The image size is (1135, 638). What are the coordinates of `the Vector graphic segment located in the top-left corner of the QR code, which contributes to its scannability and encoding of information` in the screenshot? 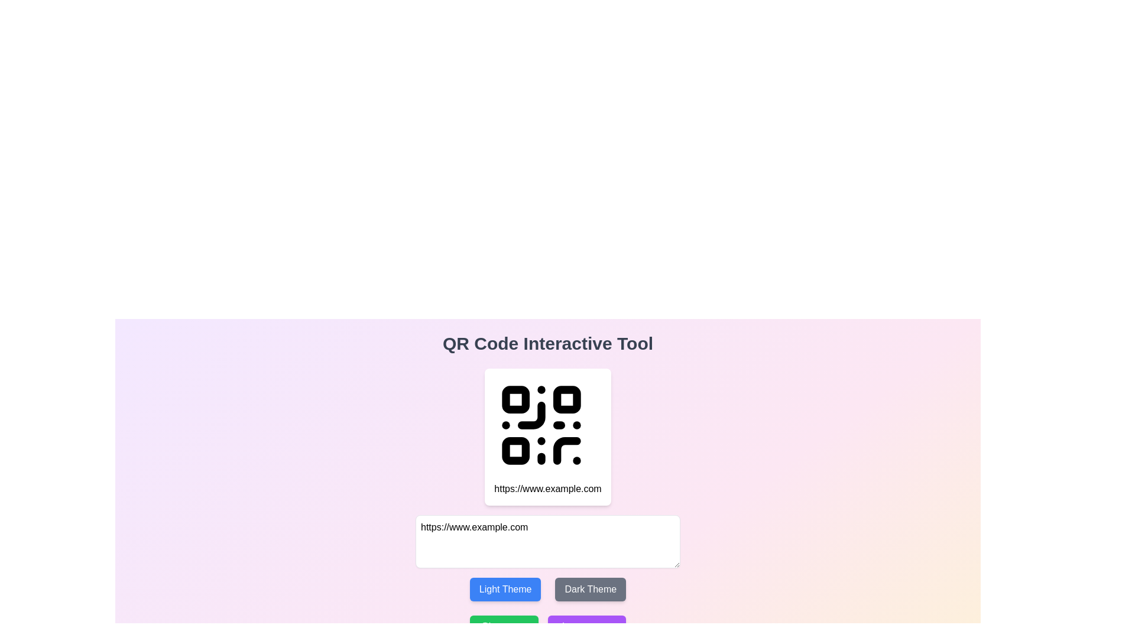 It's located at (531, 415).